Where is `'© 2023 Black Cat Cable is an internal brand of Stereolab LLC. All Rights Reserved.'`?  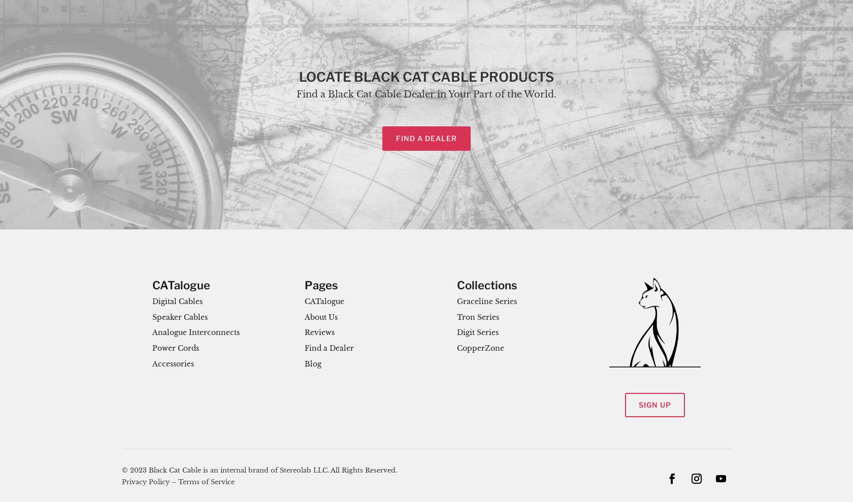 '© 2023 Black Cat Cable is an internal brand of Stereolab LLC. All Rights Reserved.' is located at coordinates (122, 469).